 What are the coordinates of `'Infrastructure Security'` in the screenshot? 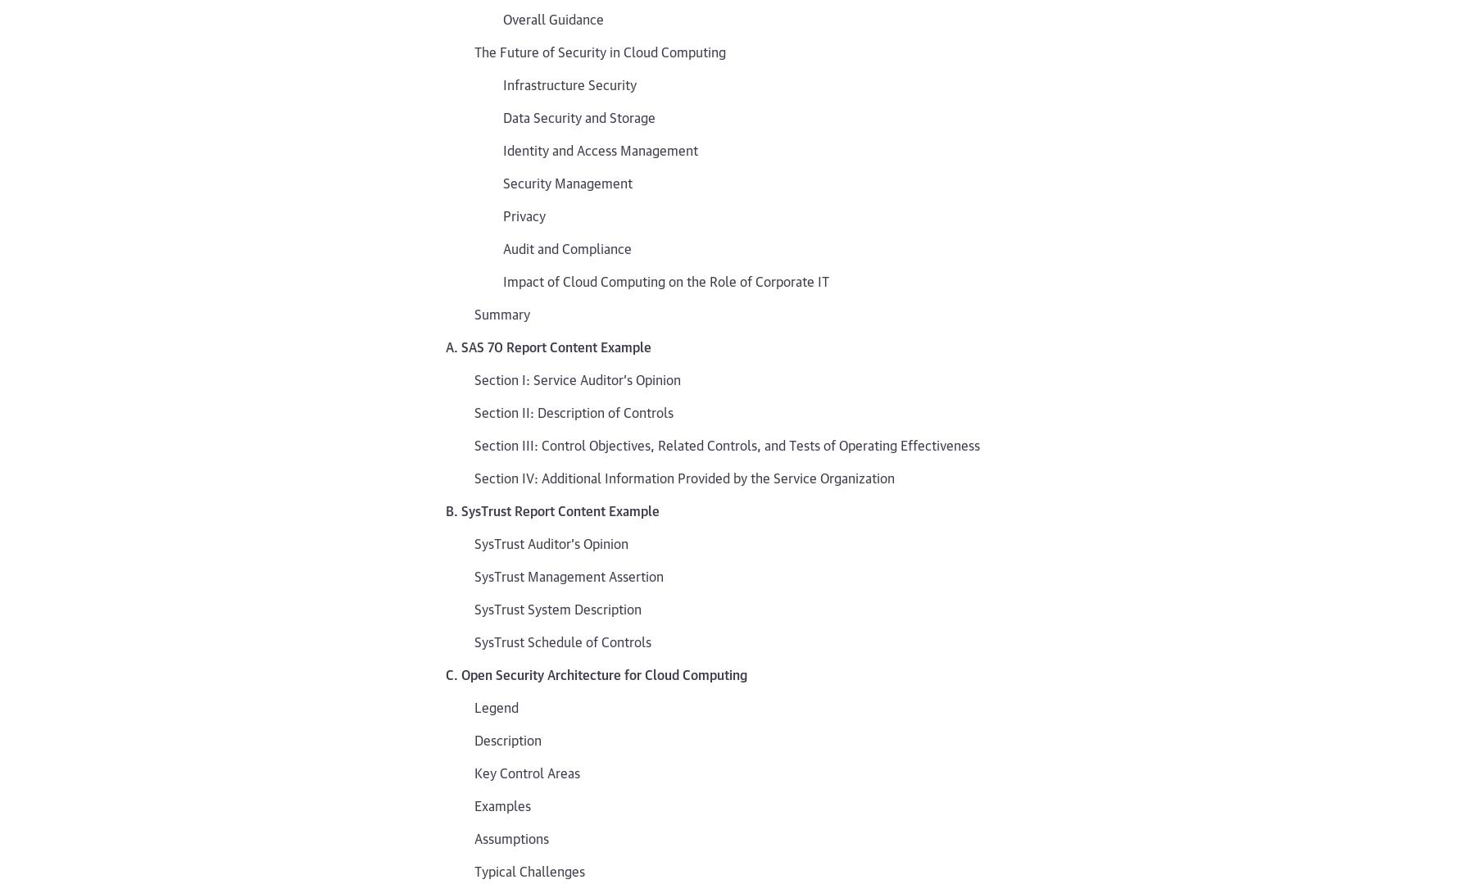 It's located at (569, 83).